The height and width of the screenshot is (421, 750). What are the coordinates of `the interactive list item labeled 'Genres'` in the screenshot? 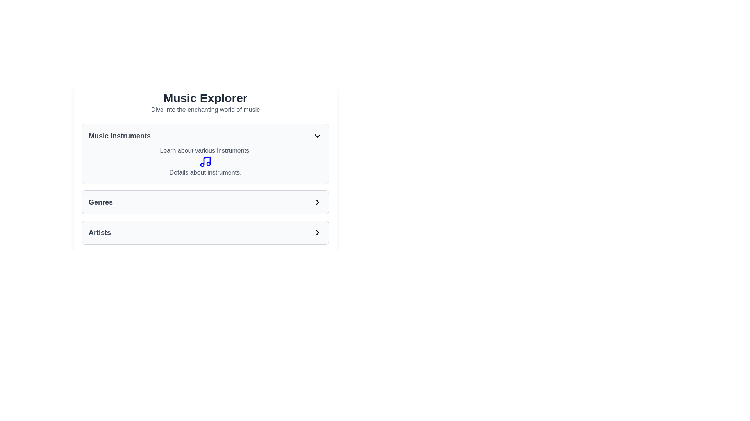 It's located at (205, 202).